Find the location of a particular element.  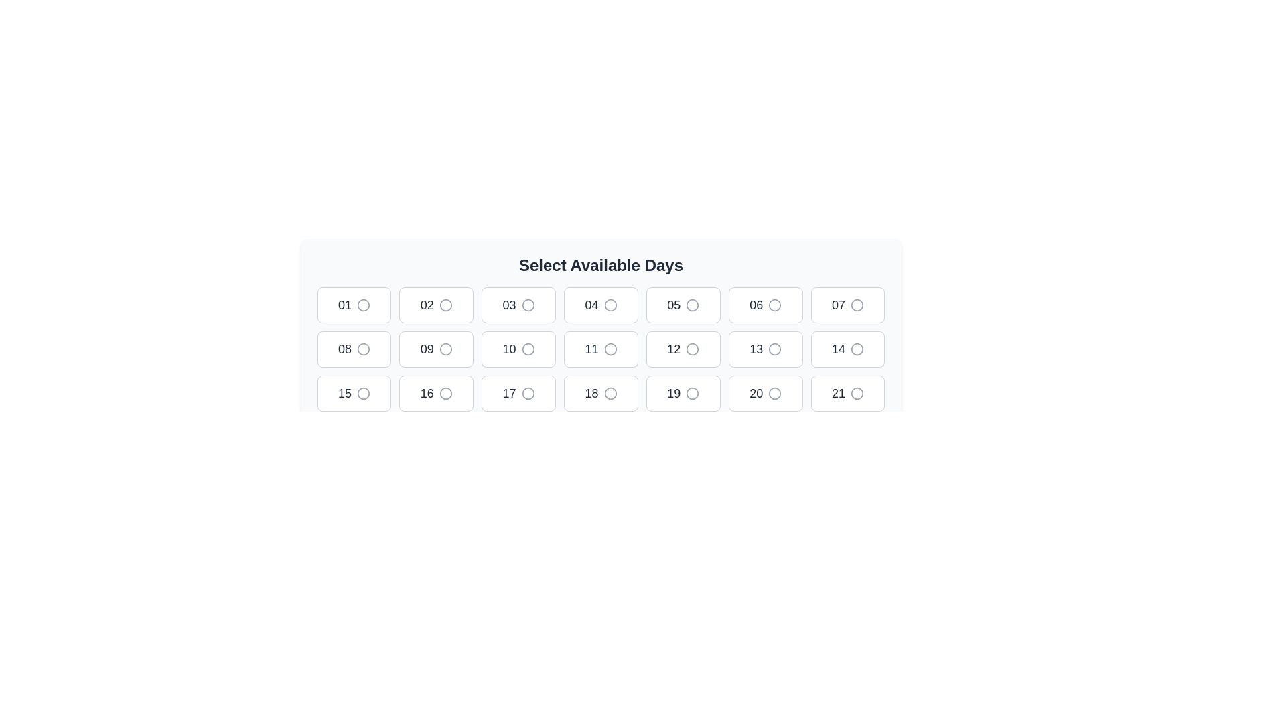

the Circle graphic element styled as an SVG located in the first column of the first row of the grid by clicking on it is located at coordinates (363, 305).